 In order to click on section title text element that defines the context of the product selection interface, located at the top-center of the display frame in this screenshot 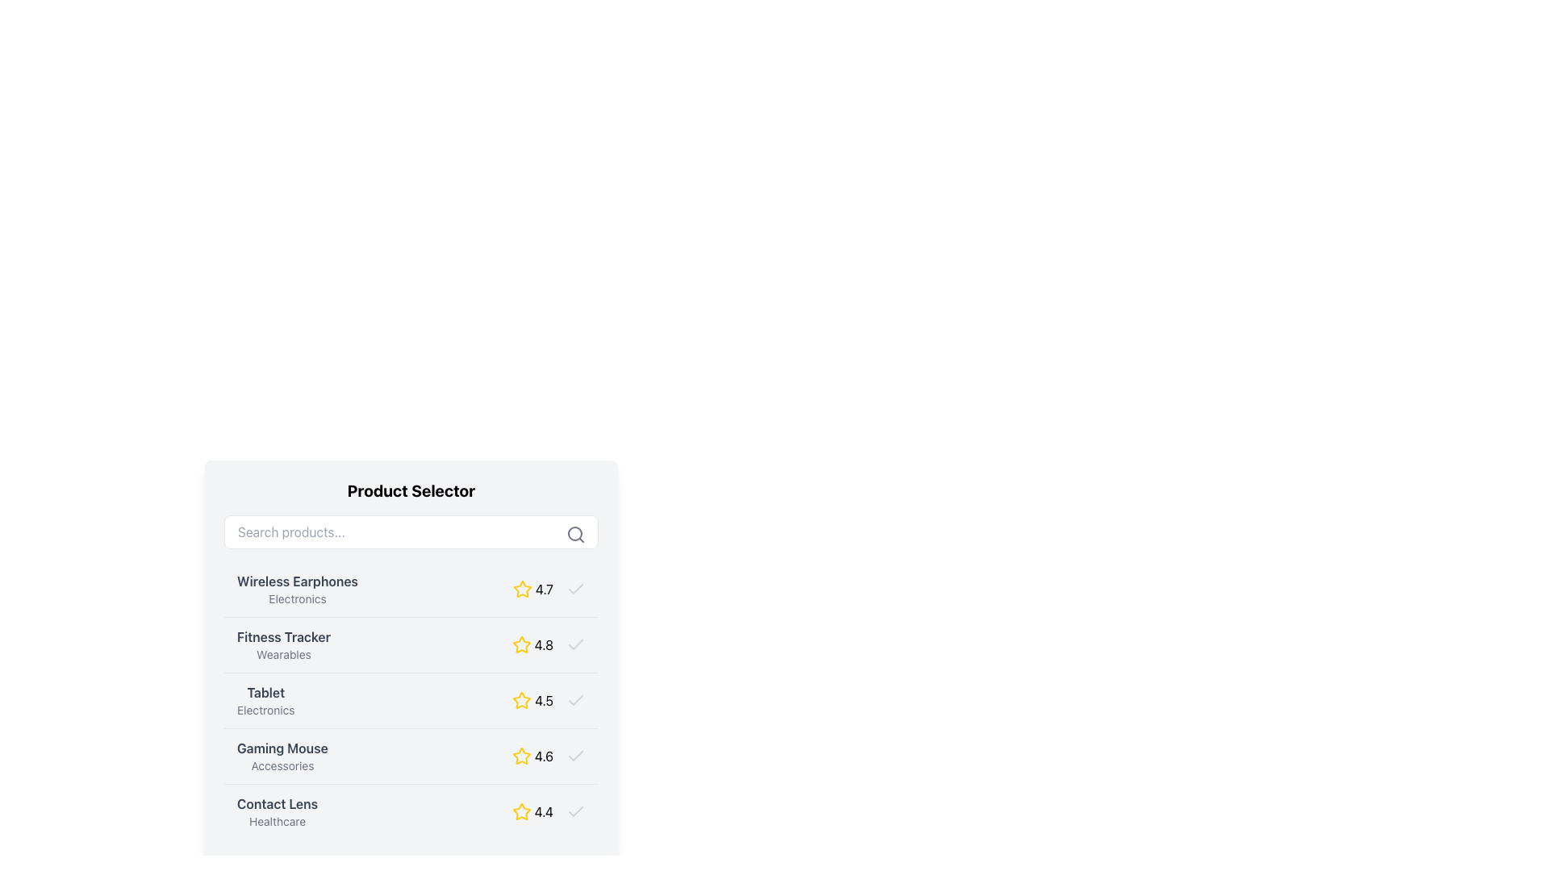, I will do `click(411, 490)`.